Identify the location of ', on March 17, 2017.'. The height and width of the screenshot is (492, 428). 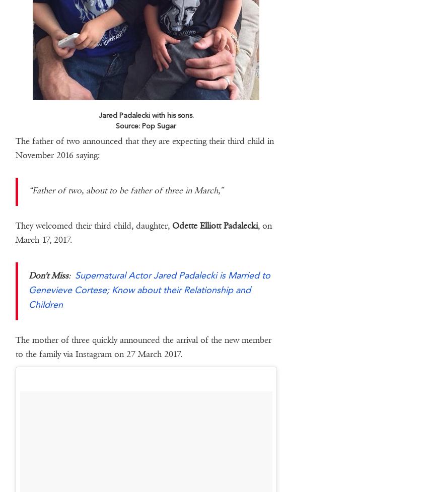
(142, 232).